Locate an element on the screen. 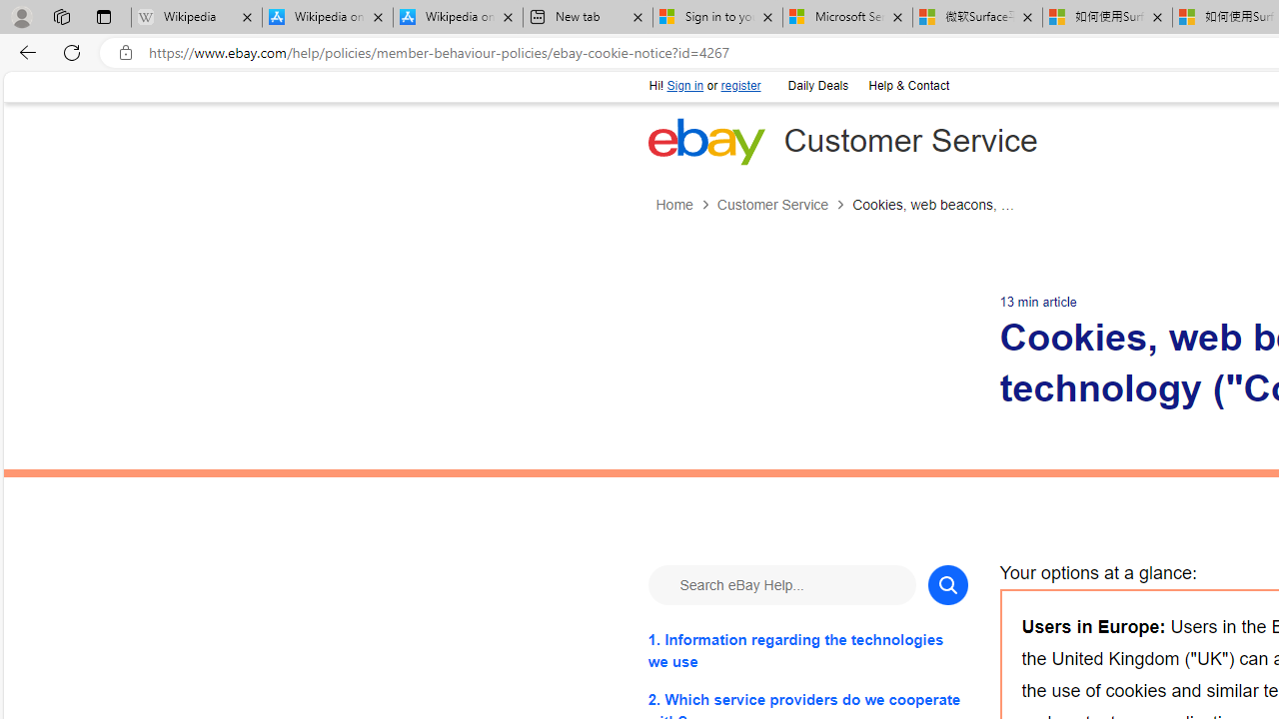 The image size is (1279, 719). 'Daily Deals' is located at coordinates (818, 86).